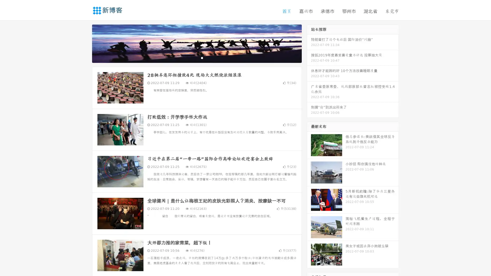 Image resolution: width=491 pixels, height=276 pixels. What do you see at coordinates (196, 57) in the screenshot?
I see `Go to slide 2` at bounding box center [196, 57].